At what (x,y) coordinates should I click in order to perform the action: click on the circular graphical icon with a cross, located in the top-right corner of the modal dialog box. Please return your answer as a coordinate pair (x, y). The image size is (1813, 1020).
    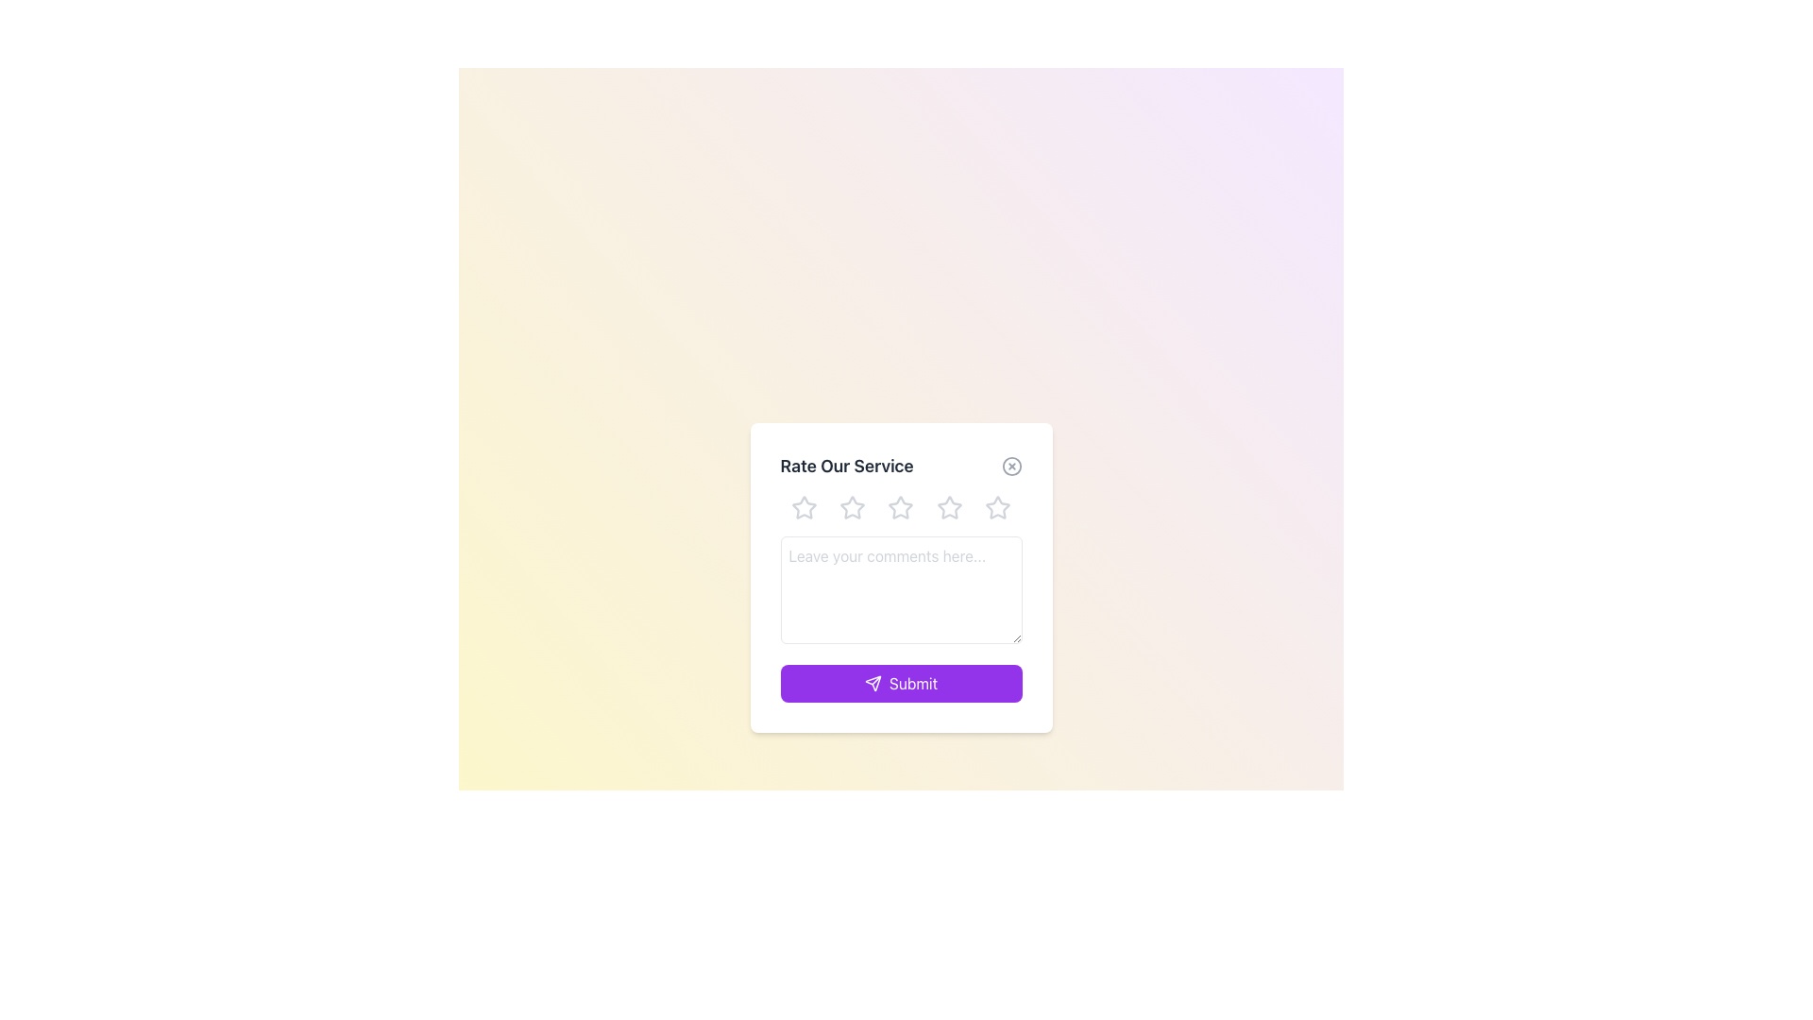
    Looking at the image, I should click on (1010, 466).